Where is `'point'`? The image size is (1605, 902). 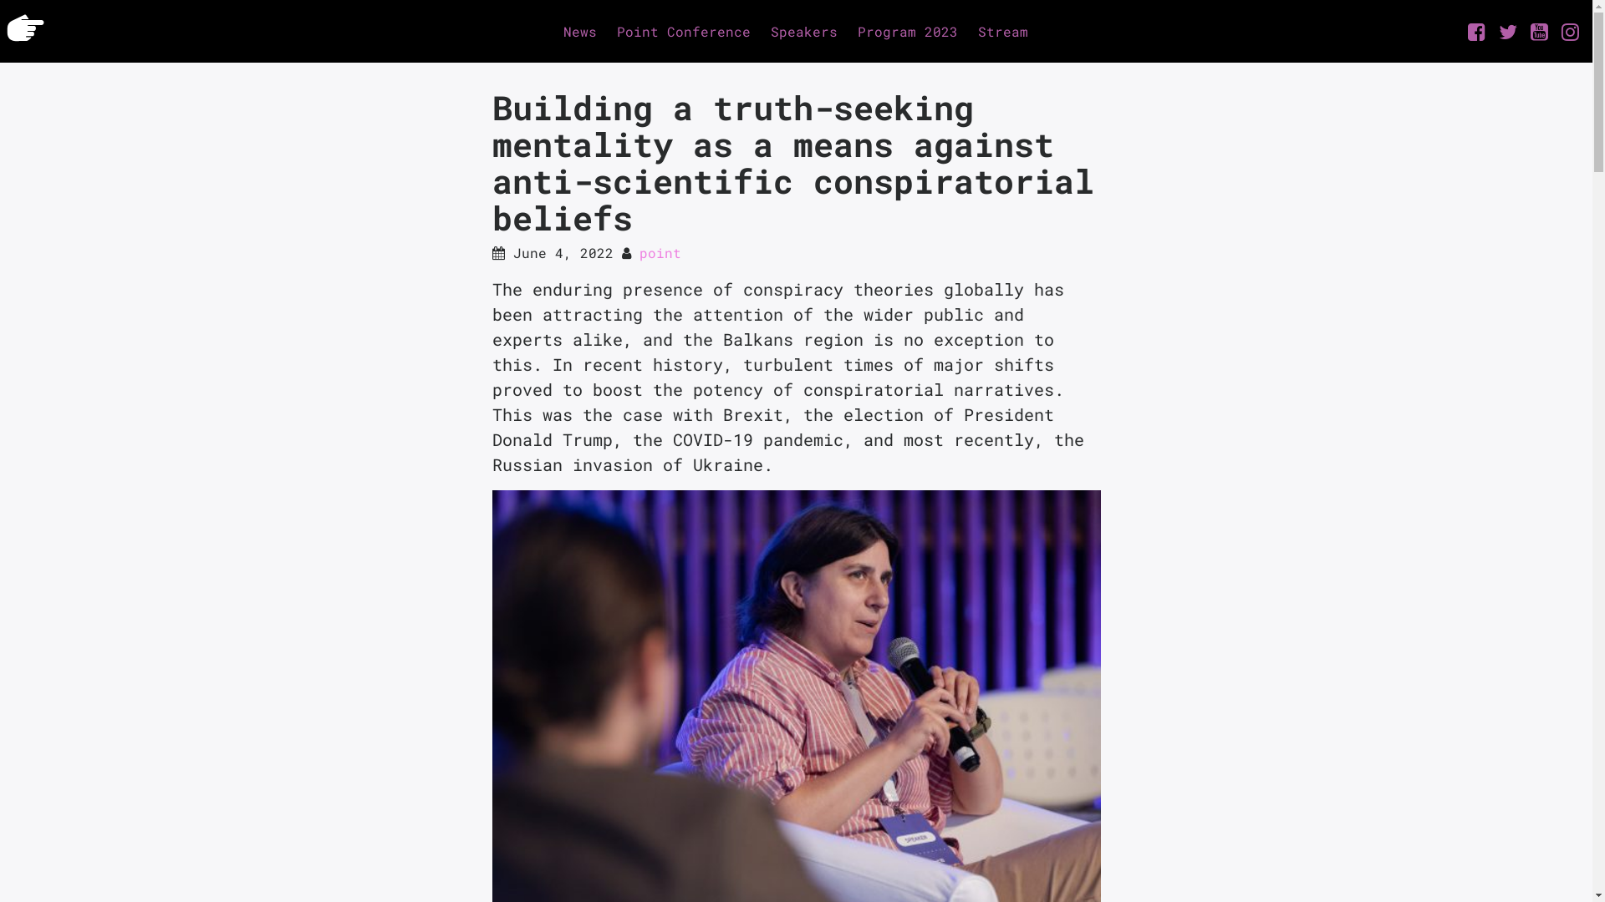 'point' is located at coordinates (658, 252).